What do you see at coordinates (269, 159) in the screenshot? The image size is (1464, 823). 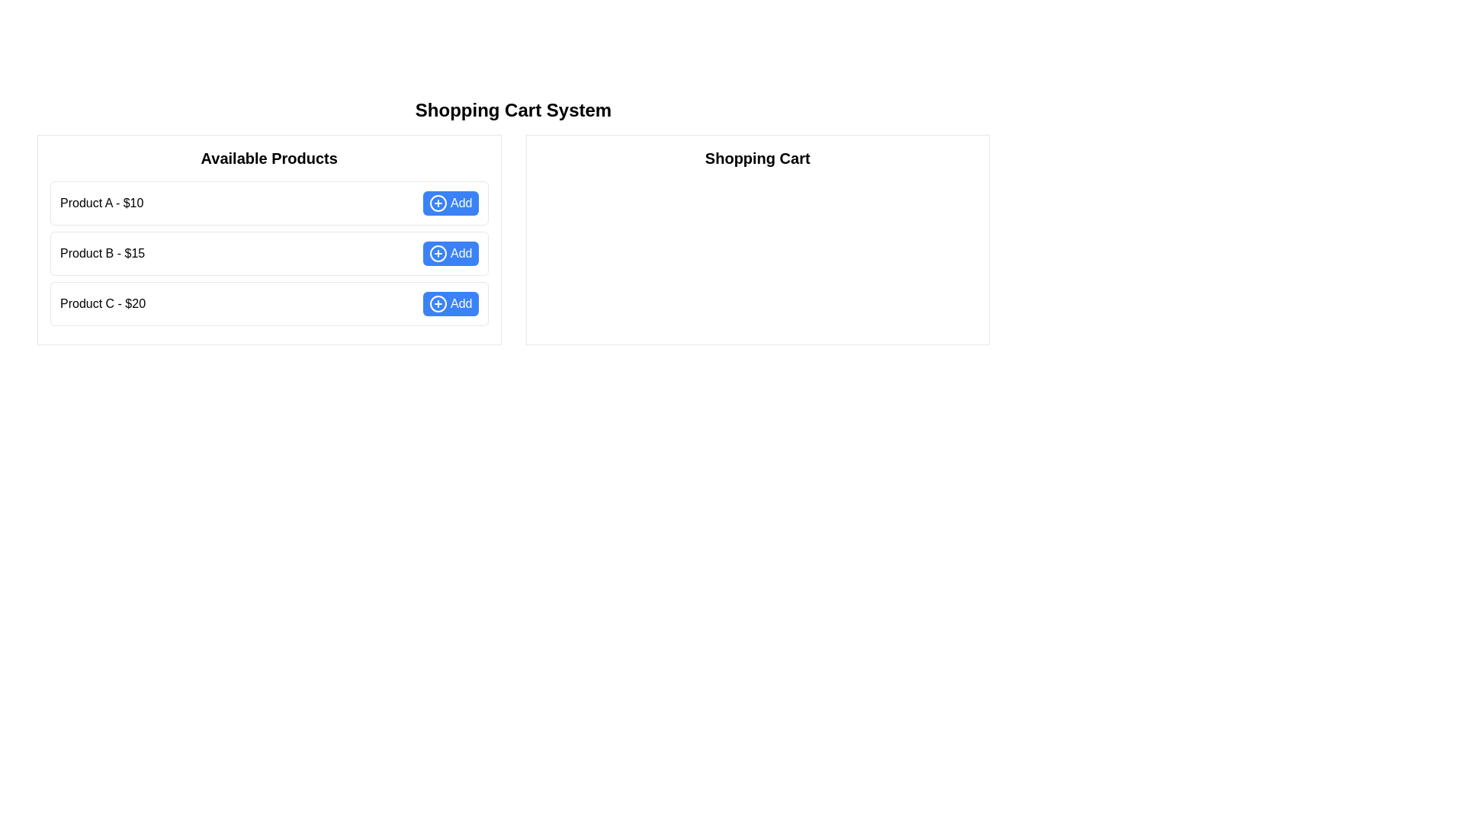 I see `the Text Label that serves as the heading for the products section, located at the top of the left segment of the interface` at bounding box center [269, 159].